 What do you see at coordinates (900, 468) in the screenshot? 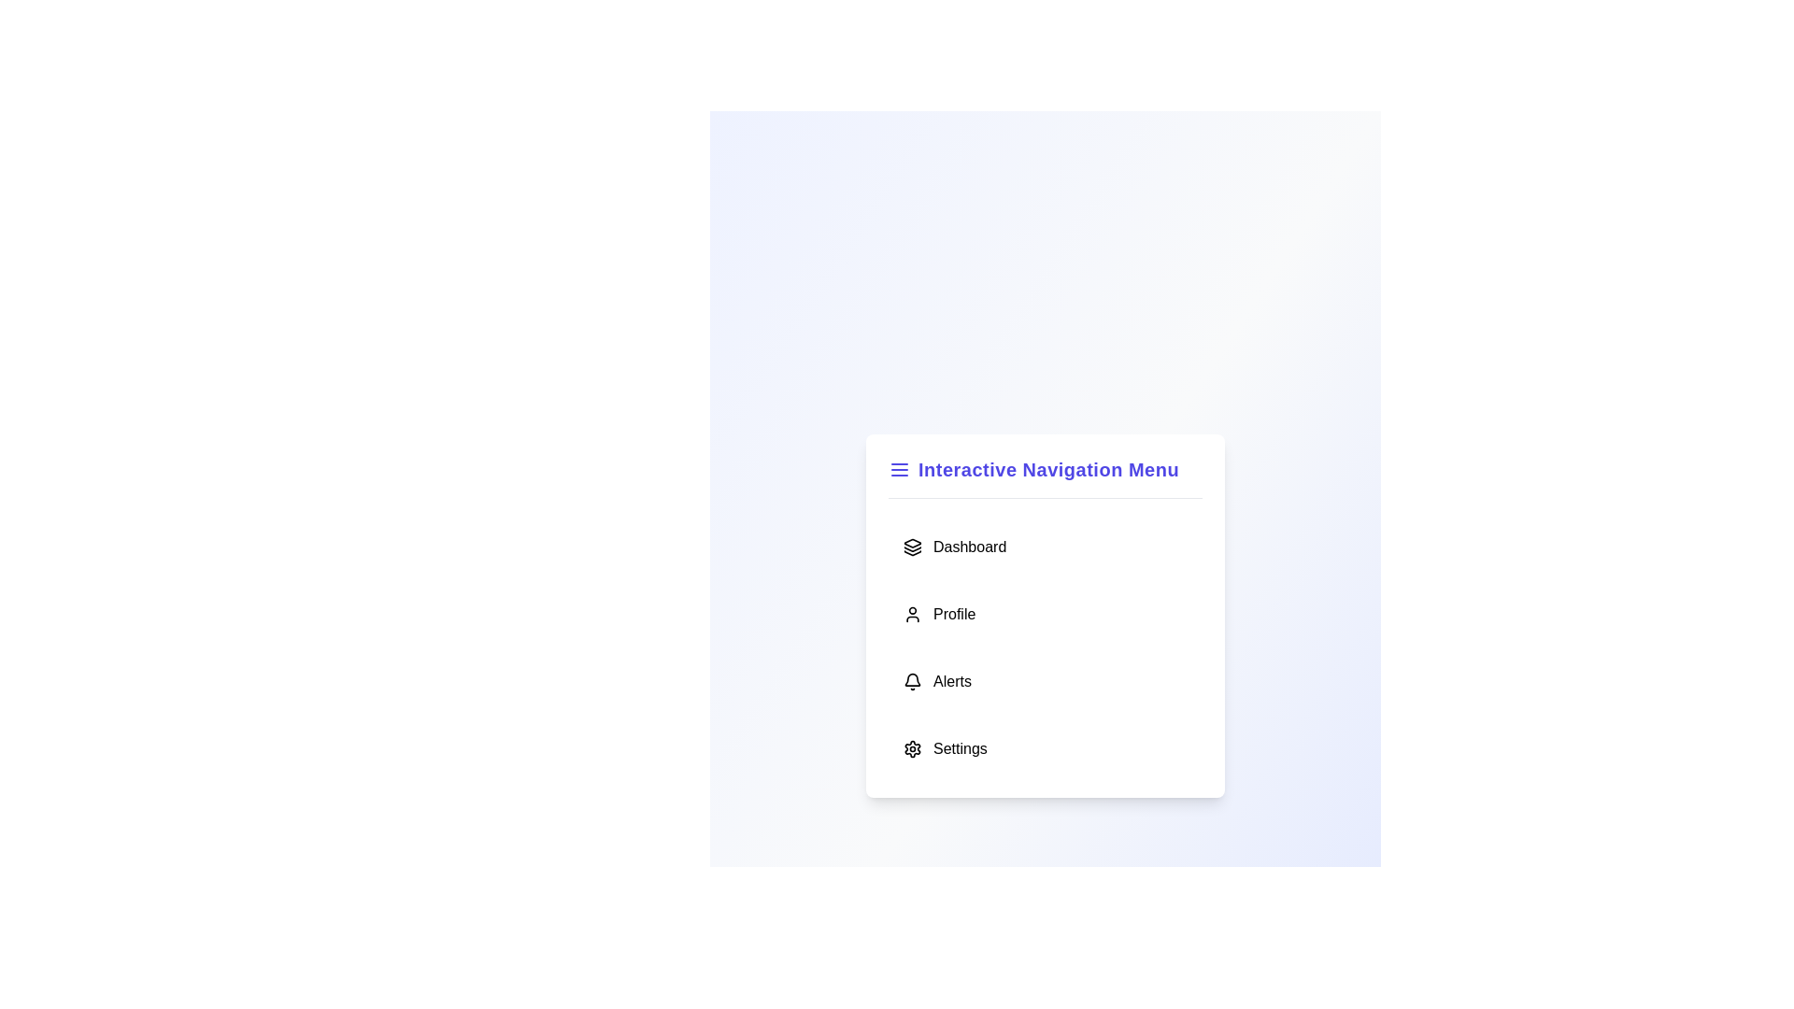
I see `the header icon to toggle the menu` at bounding box center [900, 468].